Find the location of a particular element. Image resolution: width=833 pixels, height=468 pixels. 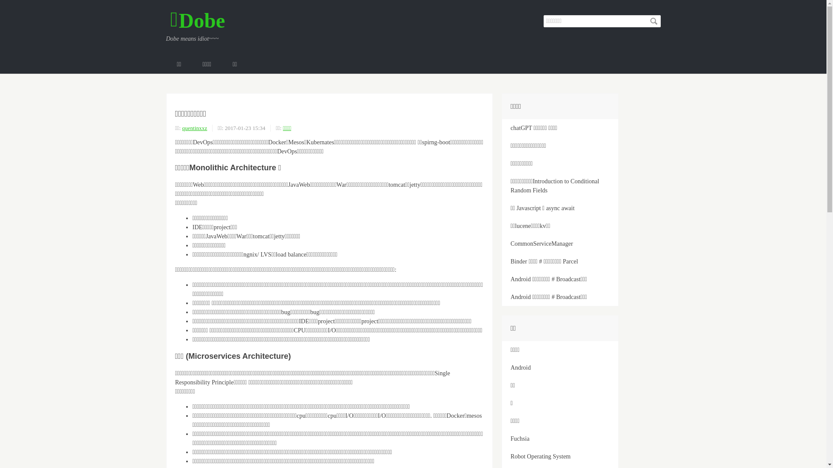

'Fuchsia' is located at coordinates (560, 439).